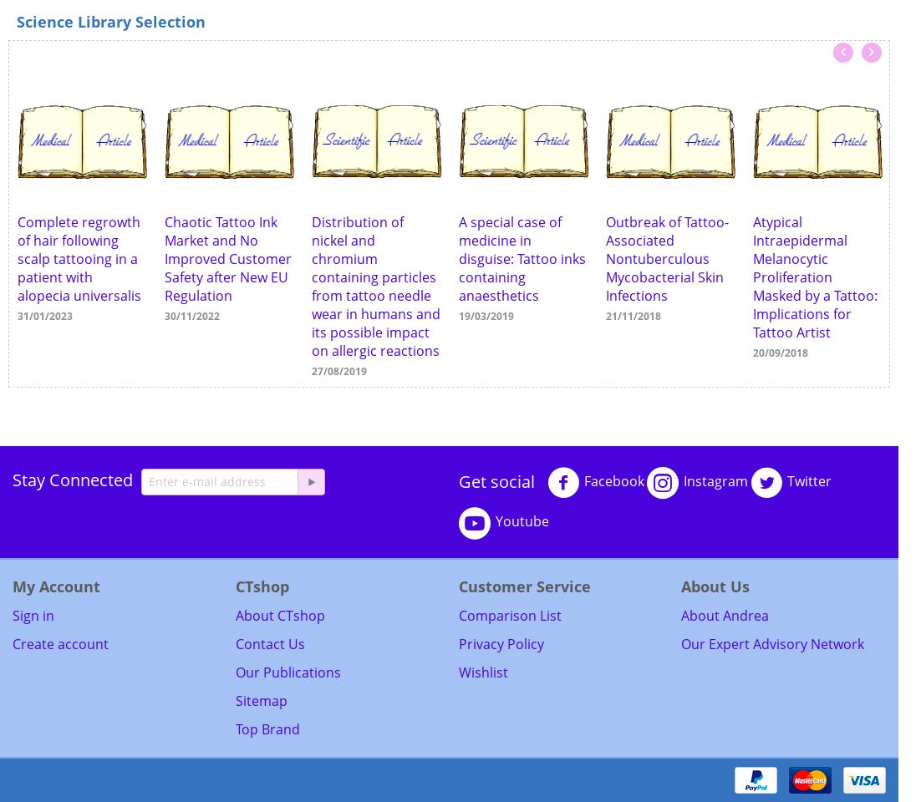 This screenshot has width=916, height=802. Describe the element at coordinates (458, 642) in the screenshot. I see `'Privacy Policy'` at that location.